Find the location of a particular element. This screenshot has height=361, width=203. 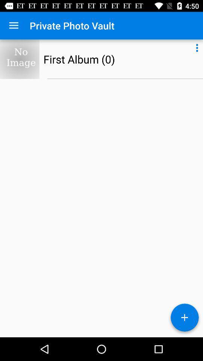

the add icon is located at coordinates (184, 319).